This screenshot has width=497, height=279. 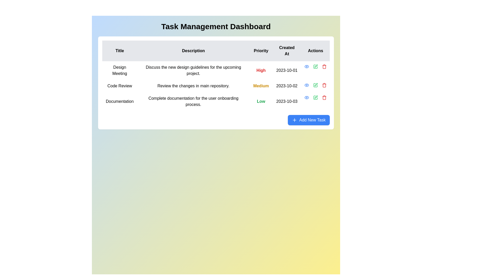 I want to click on the eye-shaped icon button in the 'Actions' column of the 'Code Review' task to observe the hover effect, so click(x=307, y=85).